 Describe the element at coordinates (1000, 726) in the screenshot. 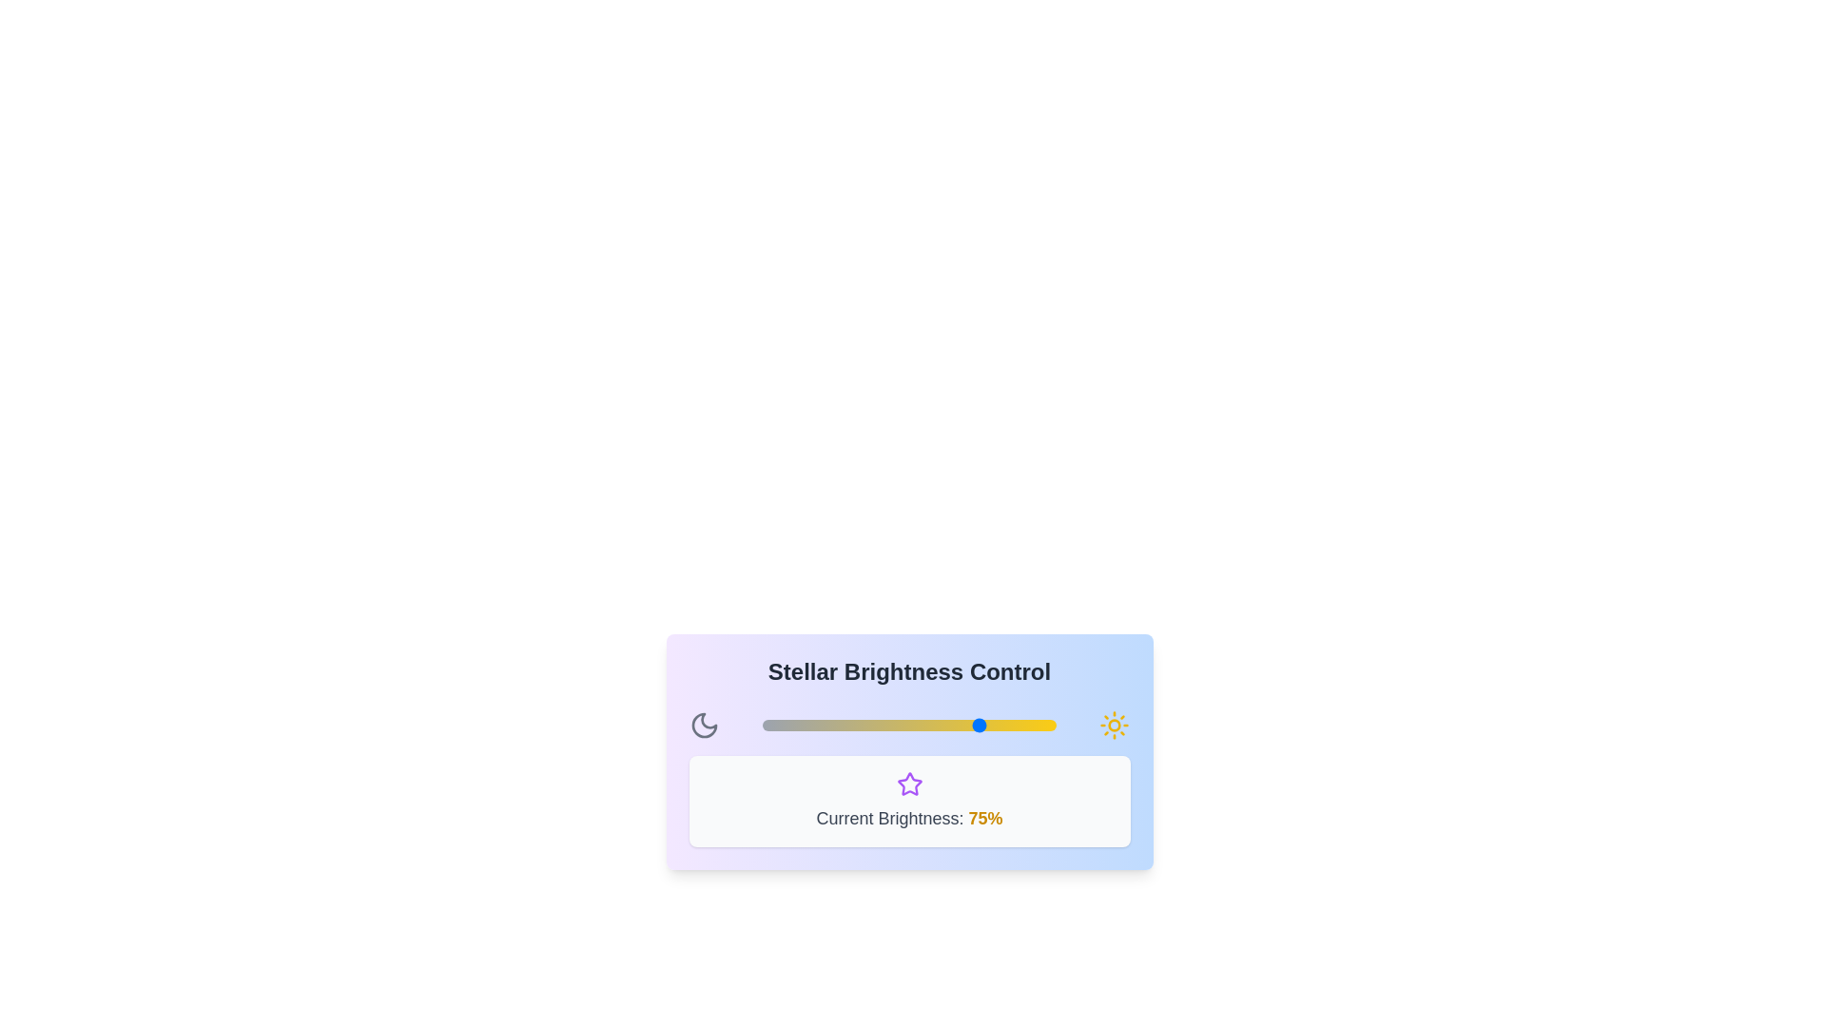

I see `the slider to set the brightness to 81%` at that location.